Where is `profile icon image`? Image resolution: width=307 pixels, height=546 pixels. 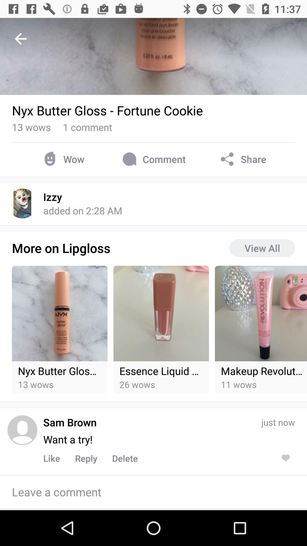 profile icon image is located at coordinates (22, 430).